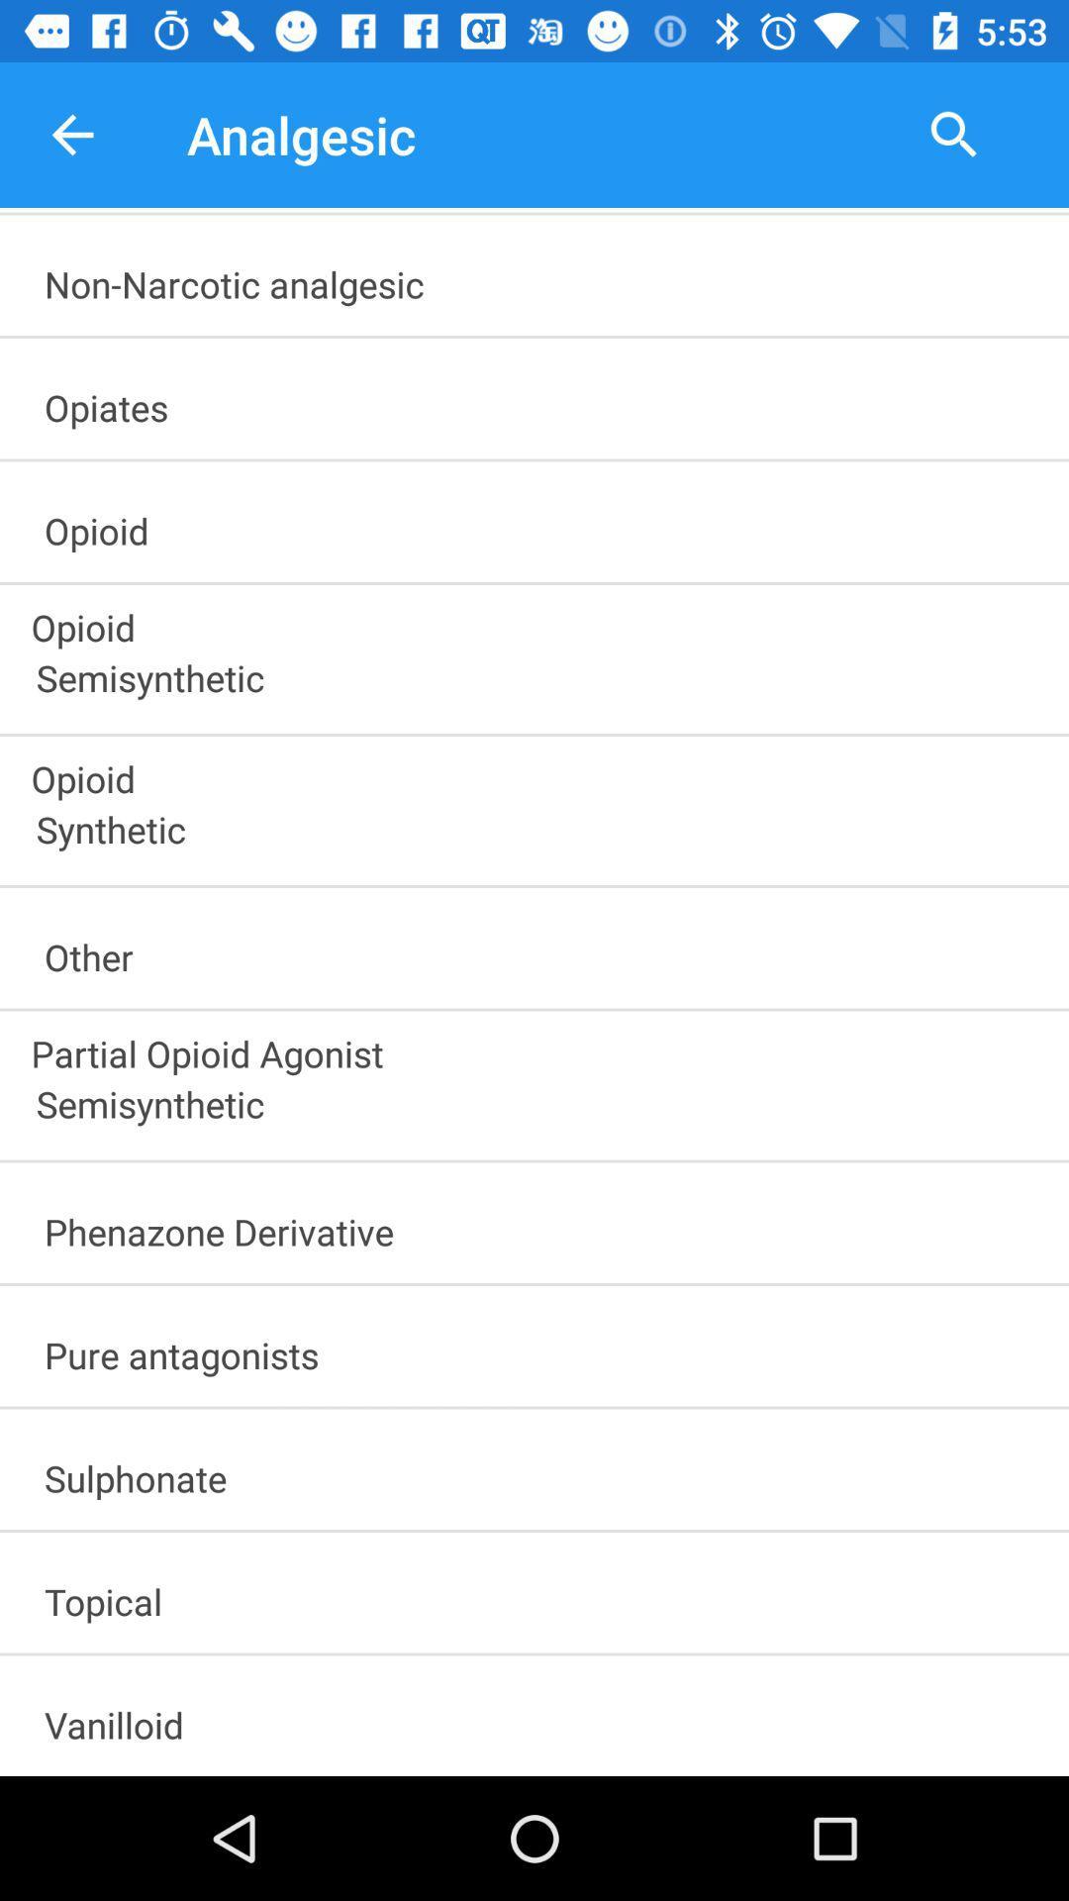 This screenshot has height=1901, width=1069. I want to click on pure antagonists item, so click(543, 1348).